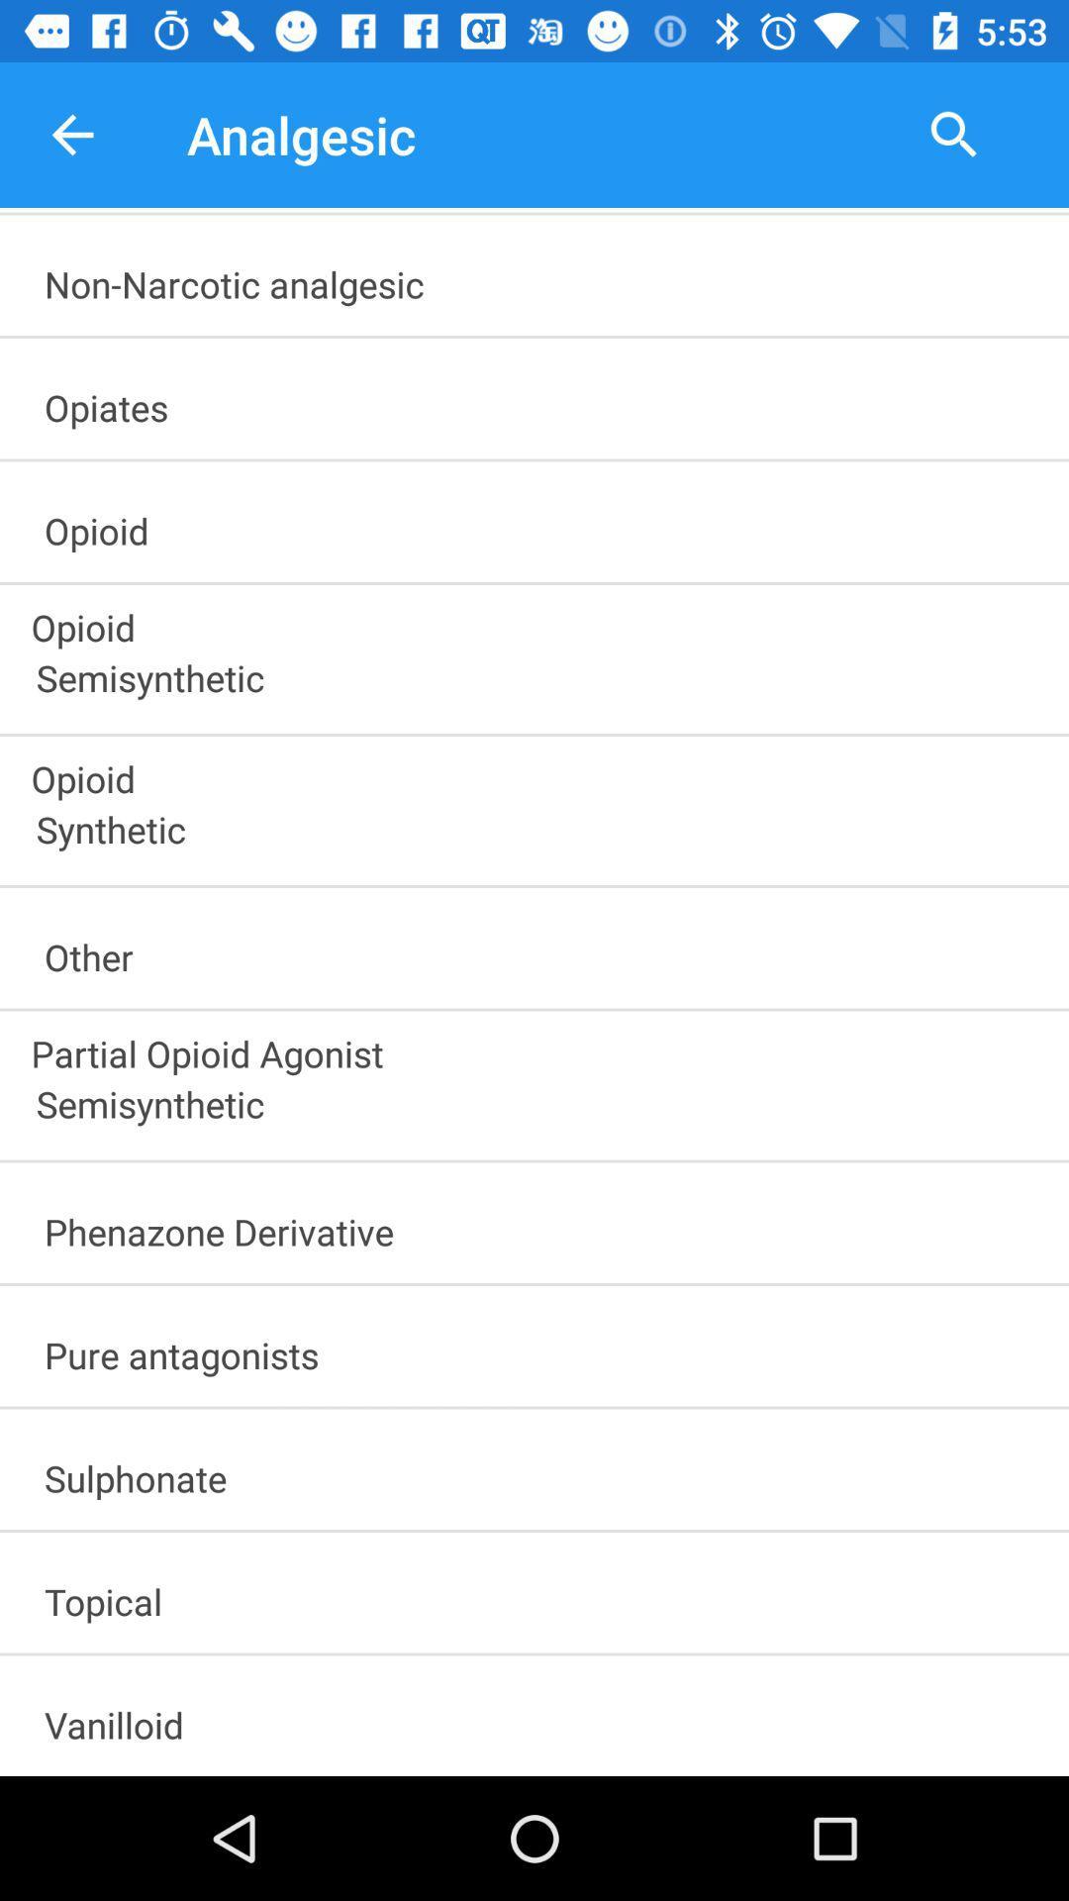 This screenshot has height=1901, width=1069. I want to click on pure antagonists item, so click(543, 1348).